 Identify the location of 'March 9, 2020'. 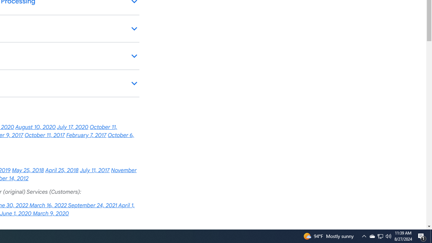
(51, 213).